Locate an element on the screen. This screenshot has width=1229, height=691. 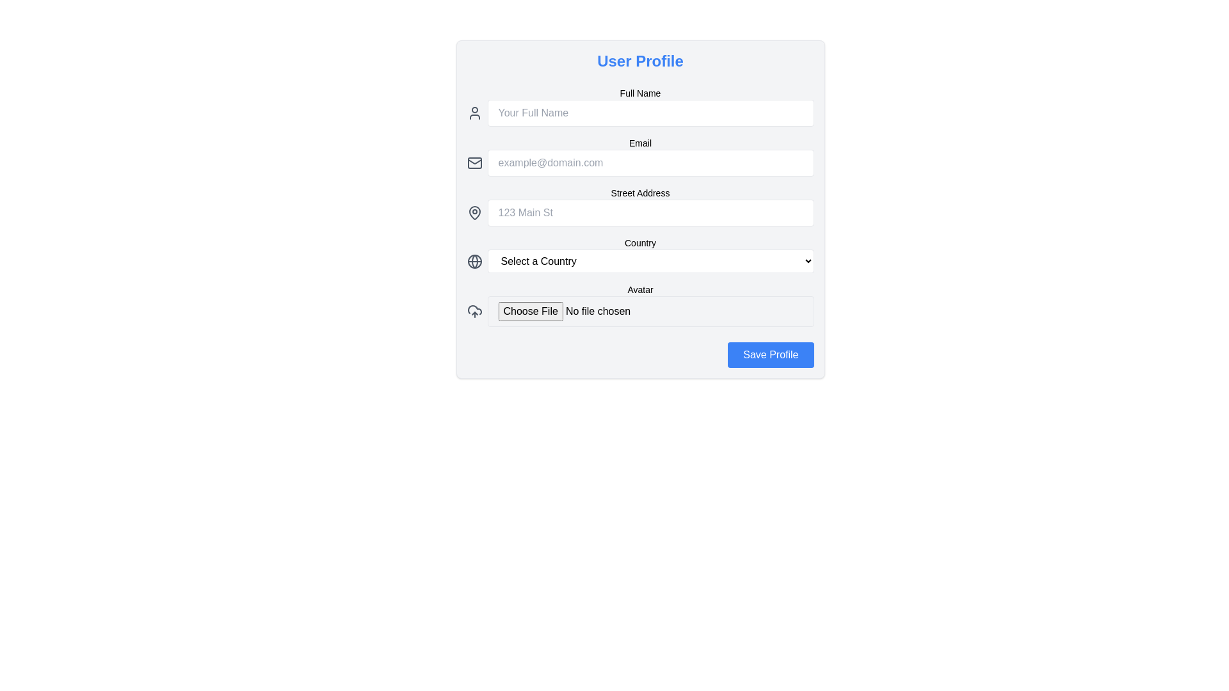
the central circular graphical element of the globe icon next to the 'Country' selection dropdown in the 'User Profile' form is located at coordinates (474, 260).